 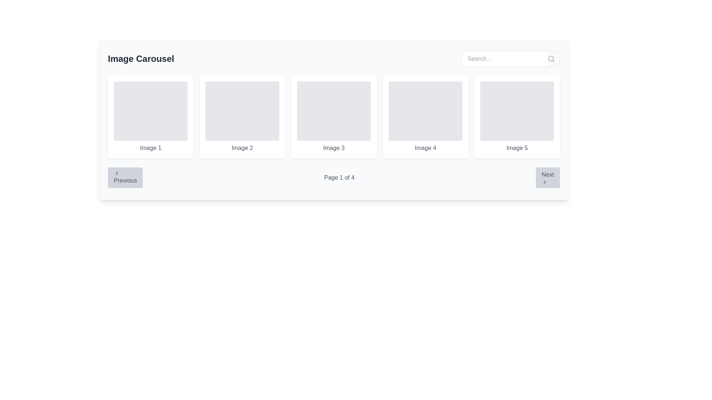 I want to click on the left-facing chevron arrow icon inside the 'Previous' button, so click(x=116, y=173).